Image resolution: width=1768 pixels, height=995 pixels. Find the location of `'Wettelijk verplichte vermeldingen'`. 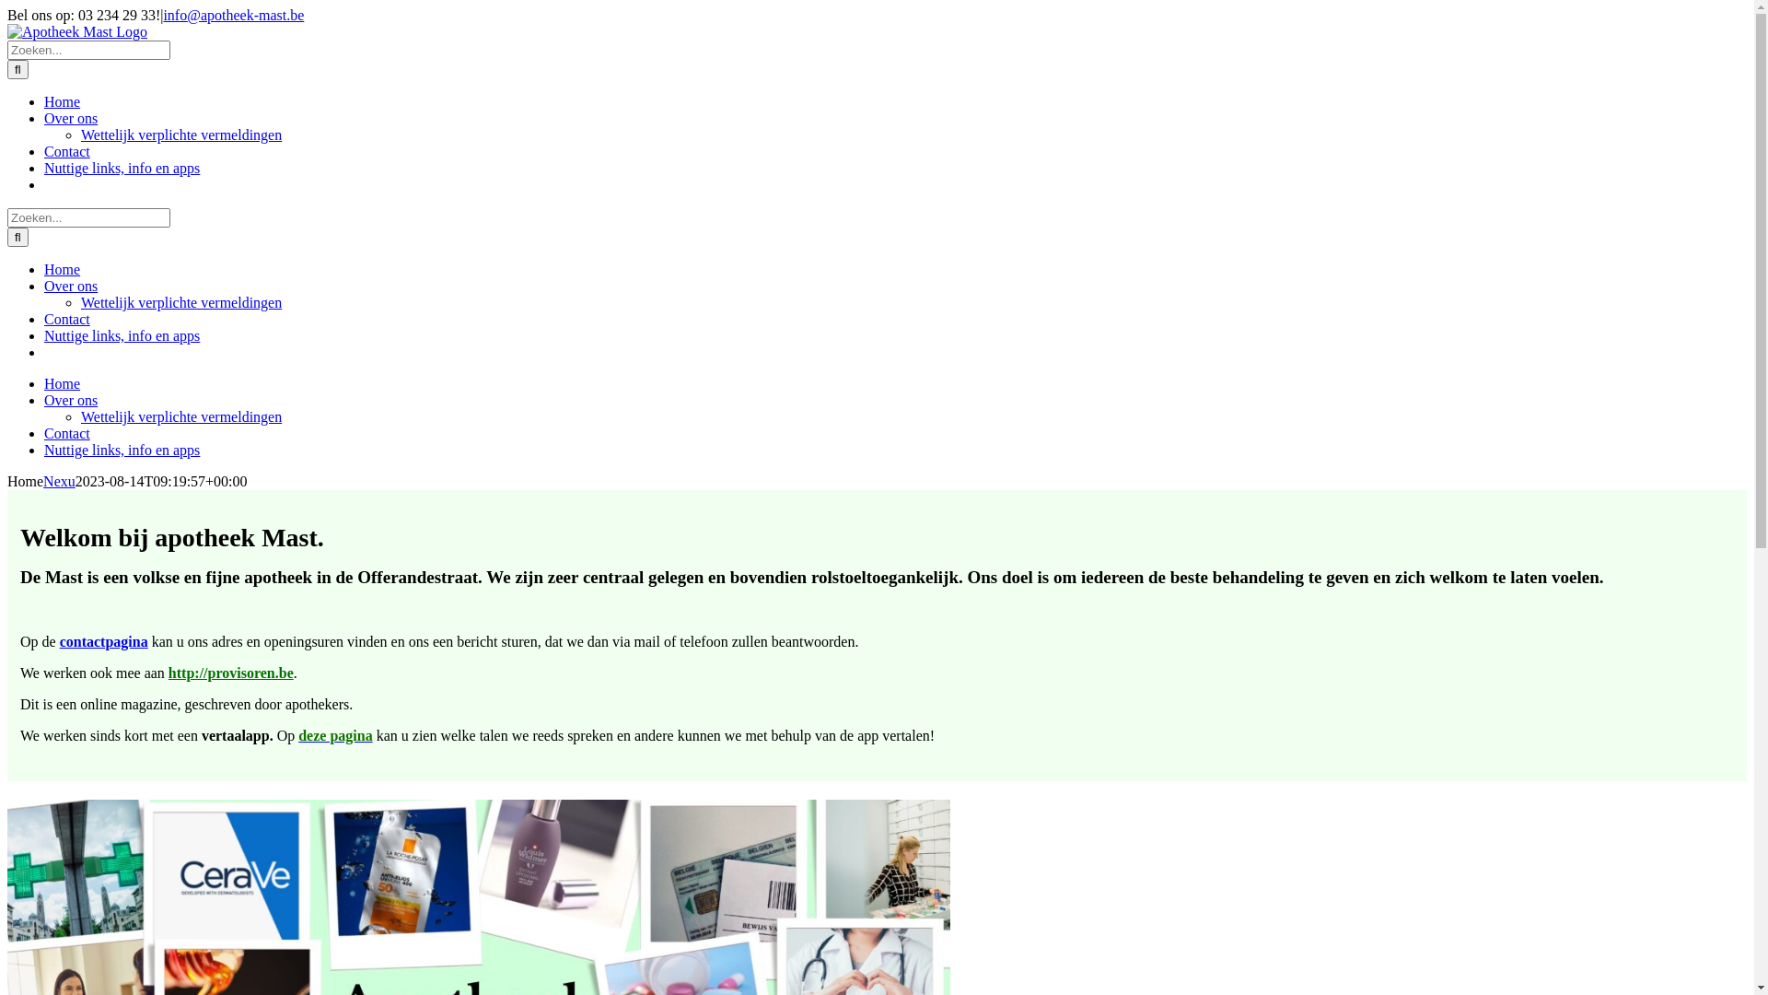

'Wettelijk verplichte vermeldingen' is located at coordinates (79, 301).